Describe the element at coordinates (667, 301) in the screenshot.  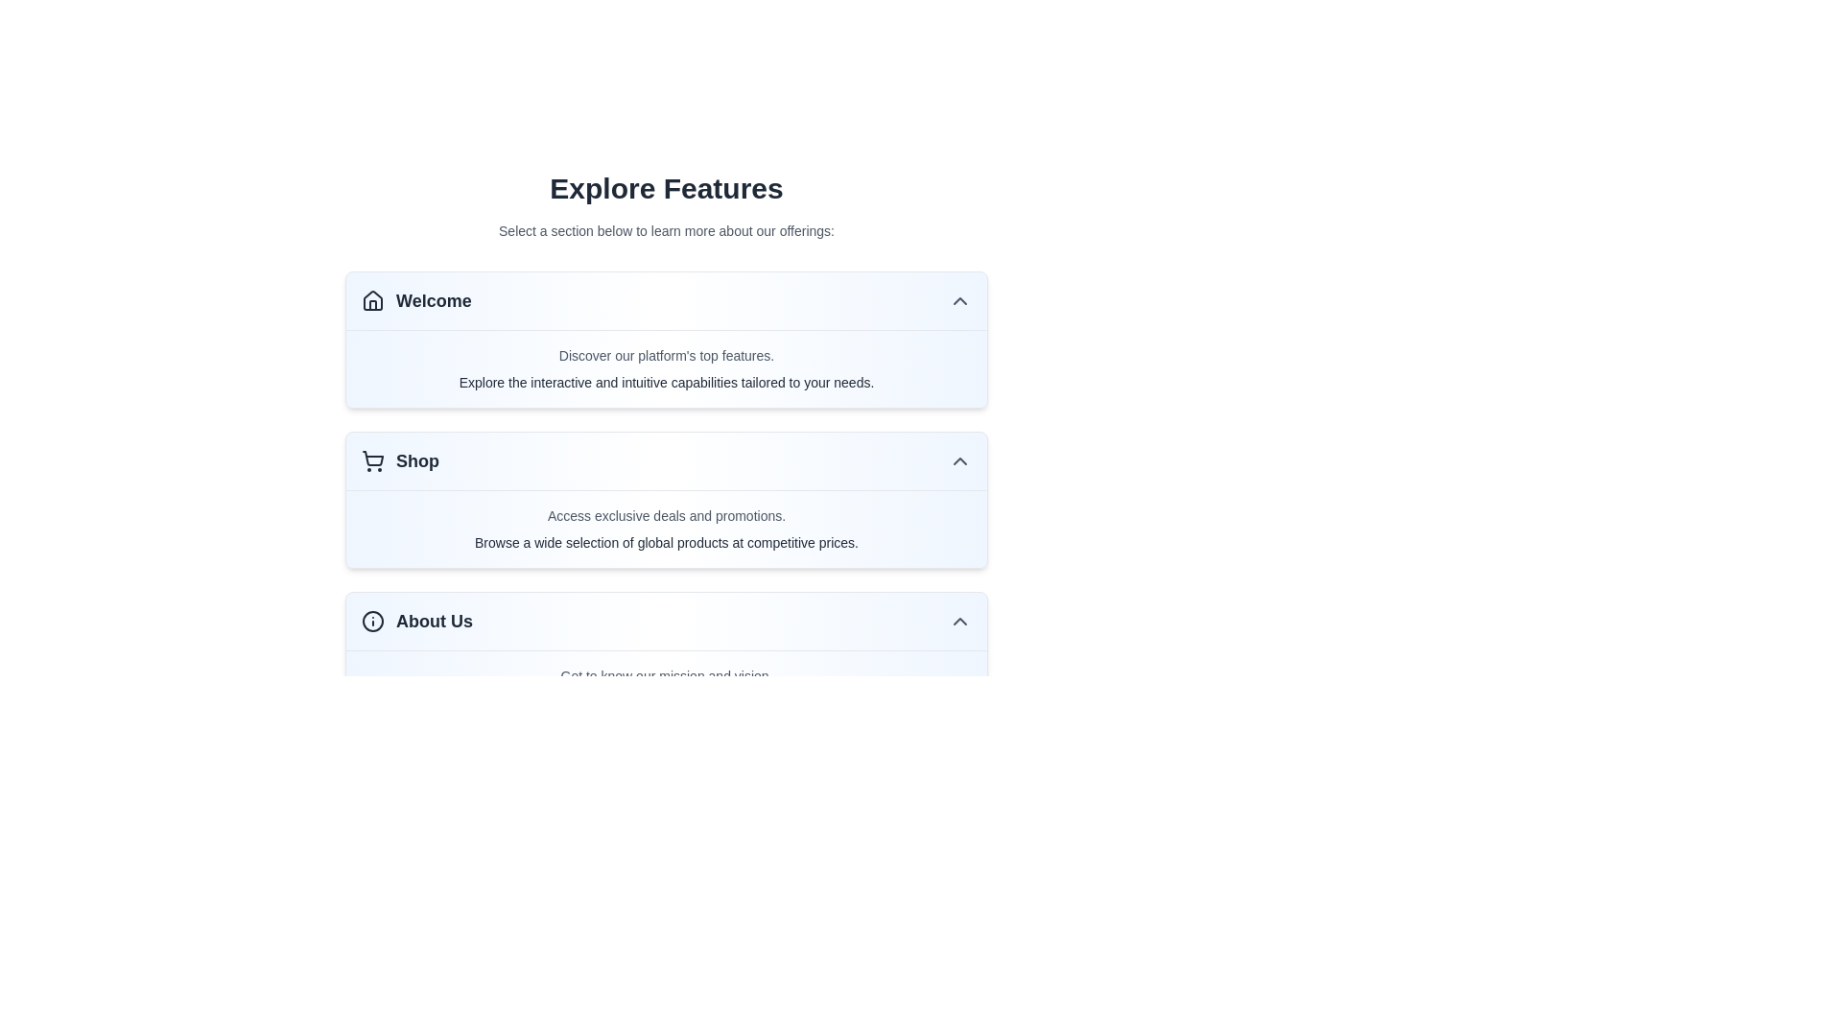
I see `the interactive collapsible section header located below the title 'Explore Features' to toggle the content related to 'Welcome' for accessibility purposes` at that location.